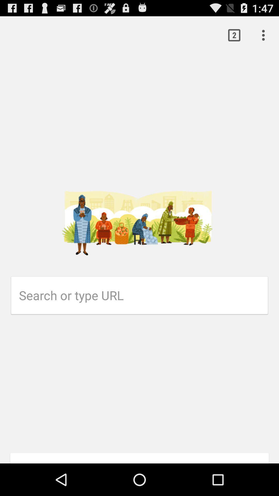 This screenshot has height=496, width=279. Describe the element at coordinates (143, 295) in the screenshot. I see `search` at that location.